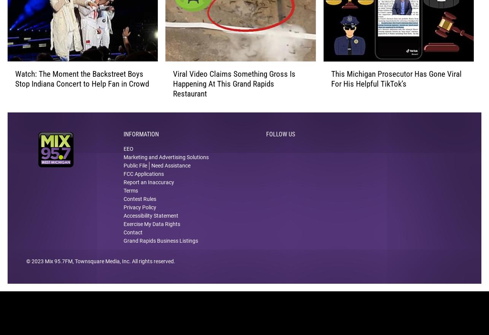 The height and width of the screenshot is (335, 489). Describe the element at coordinates (165, 167) in the screenshot. I see `'Marketing and Advertising Solutions'` at that location.